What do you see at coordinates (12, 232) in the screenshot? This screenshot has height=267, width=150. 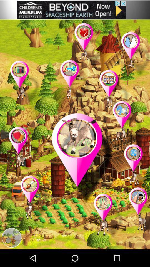 I see `the star icon` at bounding box center [12, 232].